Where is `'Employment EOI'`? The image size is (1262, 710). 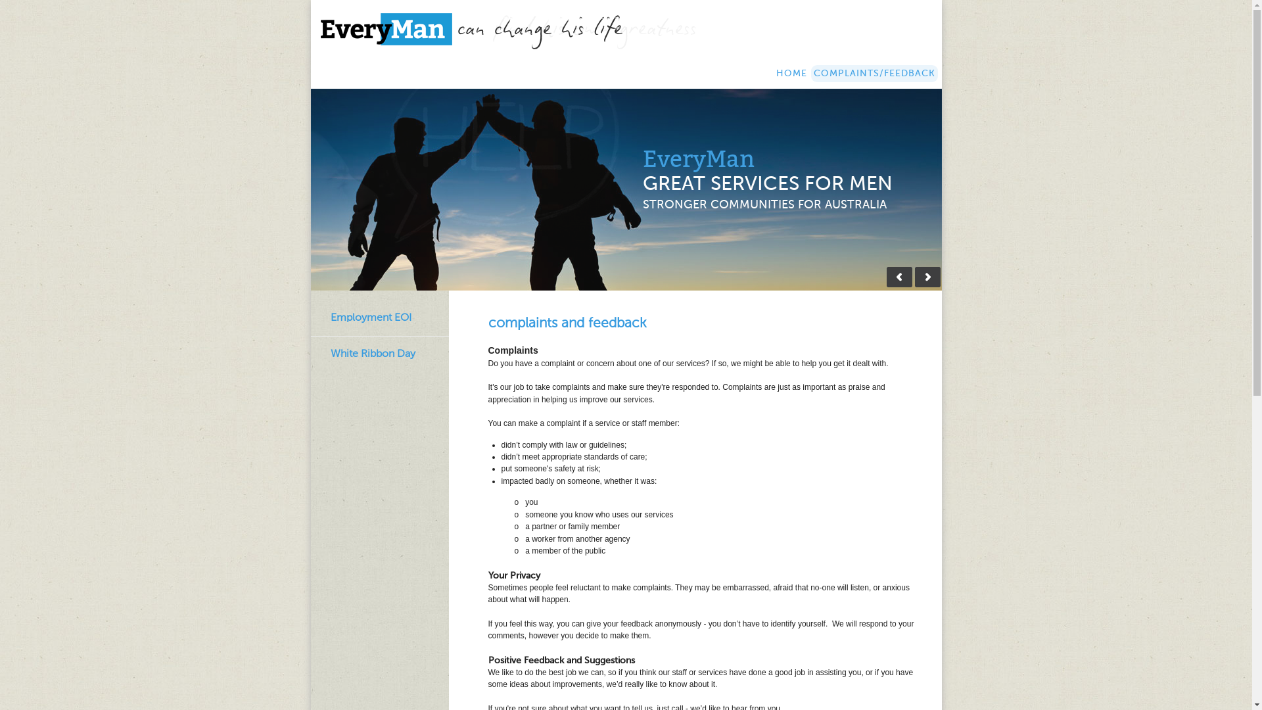 'Employment EOI' is located at coordinates (369, 318).